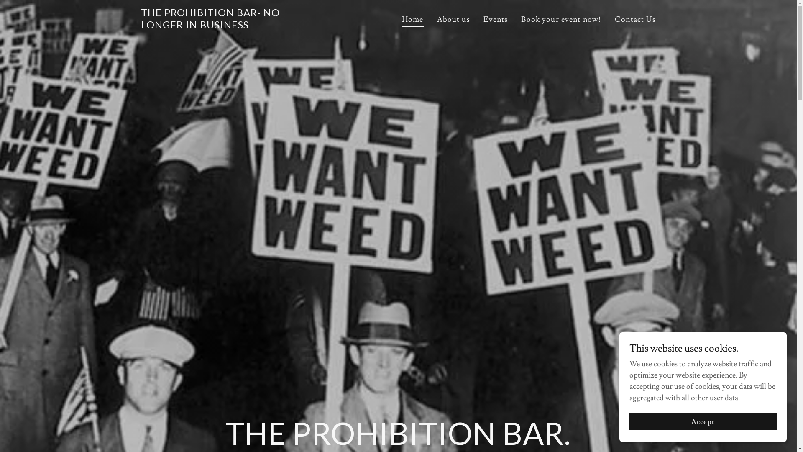 The width and height of the screenshot is (803, 452). What do you see at coordinates (635, 19) in the screenshot?
I see `'Contact Us'` at bounding box center [635, 19].